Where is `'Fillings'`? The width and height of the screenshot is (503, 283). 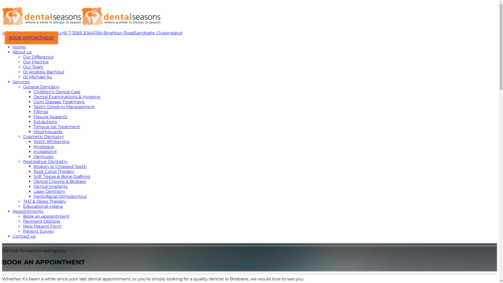 'Fillings' is located at coordinates (33, 111).